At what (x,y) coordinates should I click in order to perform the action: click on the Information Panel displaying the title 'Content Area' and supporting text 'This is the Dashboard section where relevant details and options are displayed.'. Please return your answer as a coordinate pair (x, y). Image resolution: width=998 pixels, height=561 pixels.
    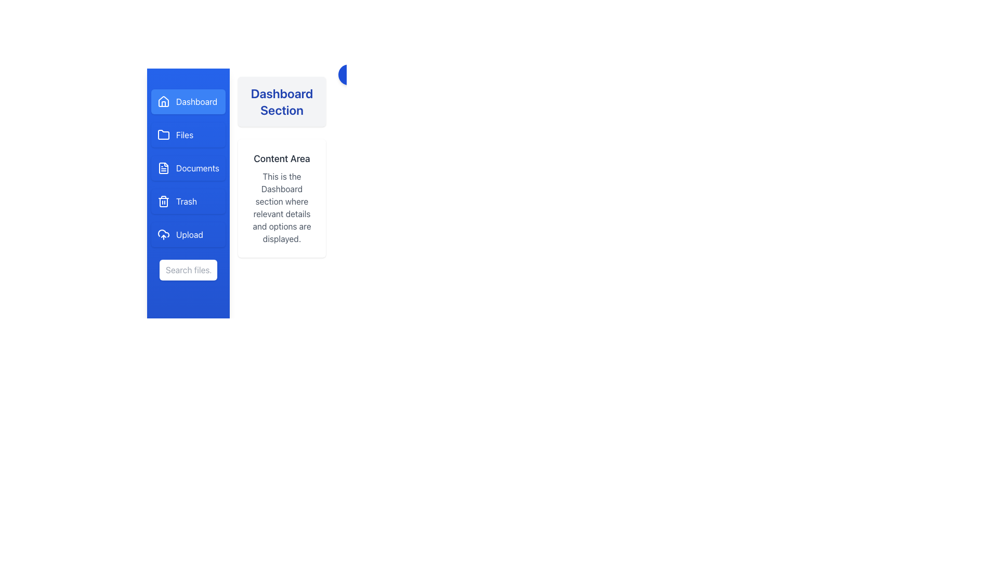
    Looking at the image, I should click on (282, 198).